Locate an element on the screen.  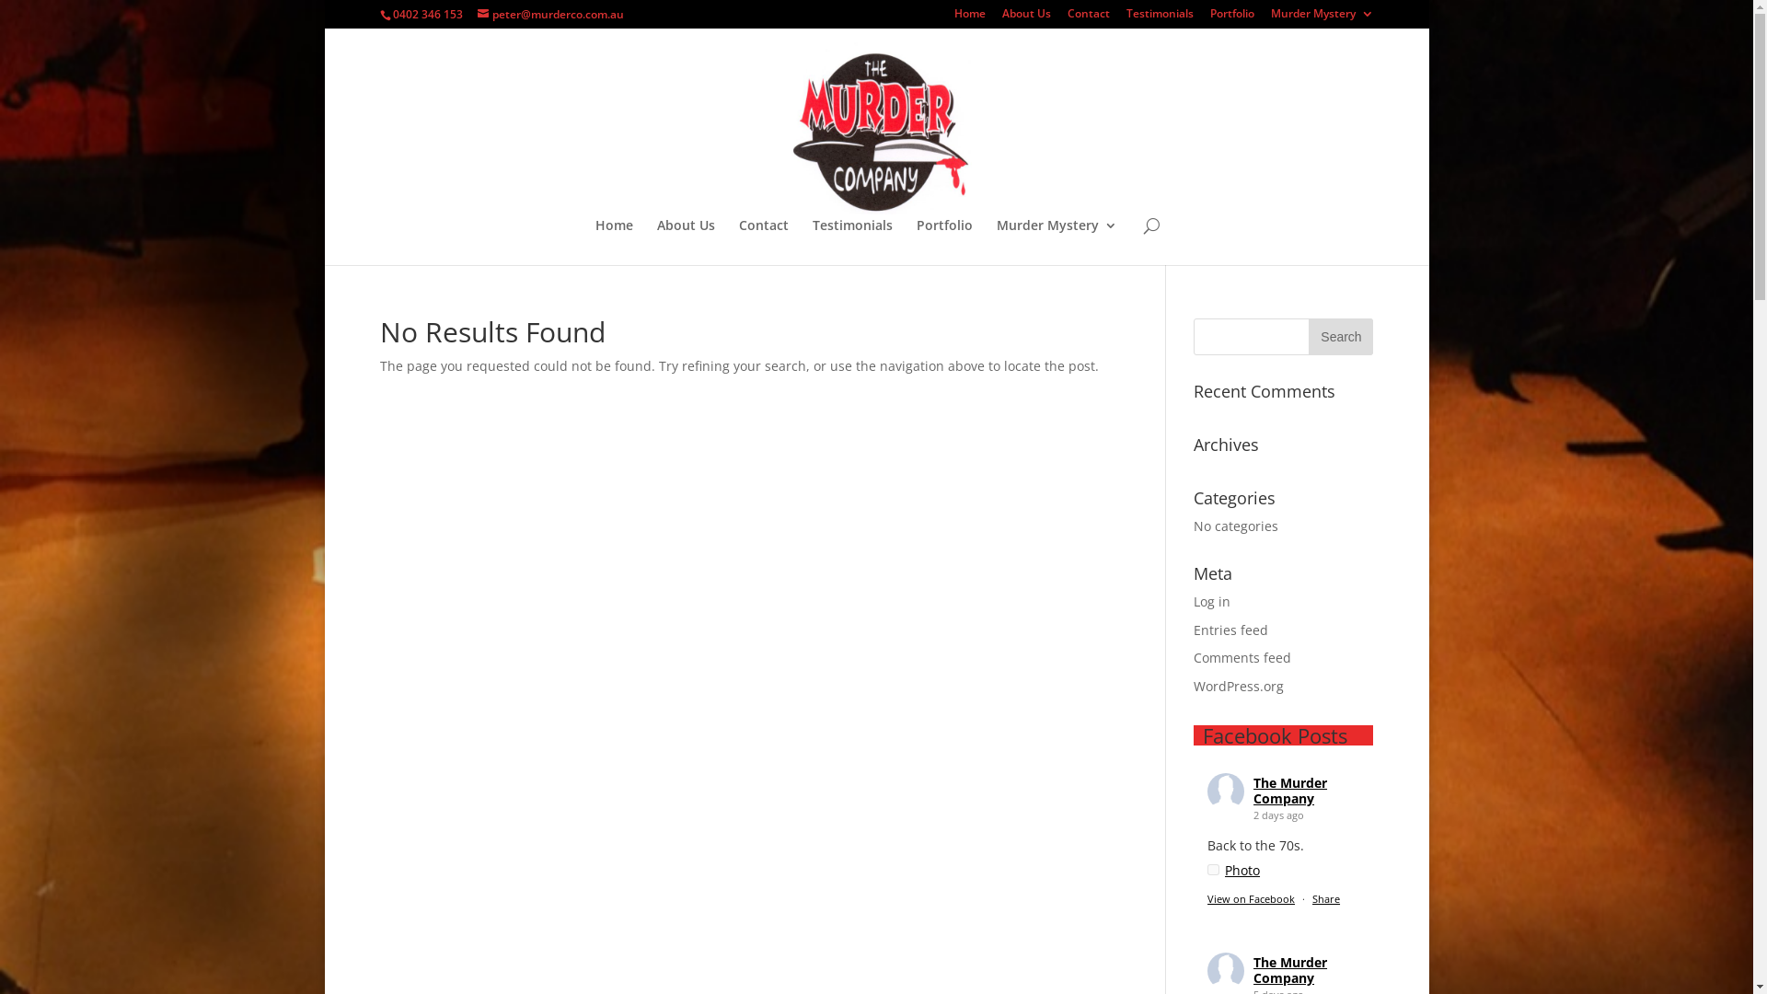
'WordPress.org' is located at coordinates (1238, 686).